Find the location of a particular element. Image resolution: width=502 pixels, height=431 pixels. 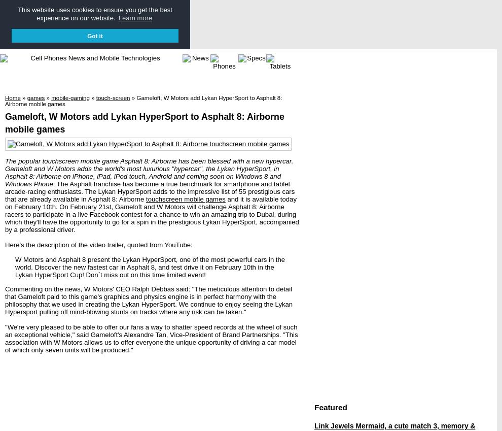

'Home' is located at coordinates (12, 97).